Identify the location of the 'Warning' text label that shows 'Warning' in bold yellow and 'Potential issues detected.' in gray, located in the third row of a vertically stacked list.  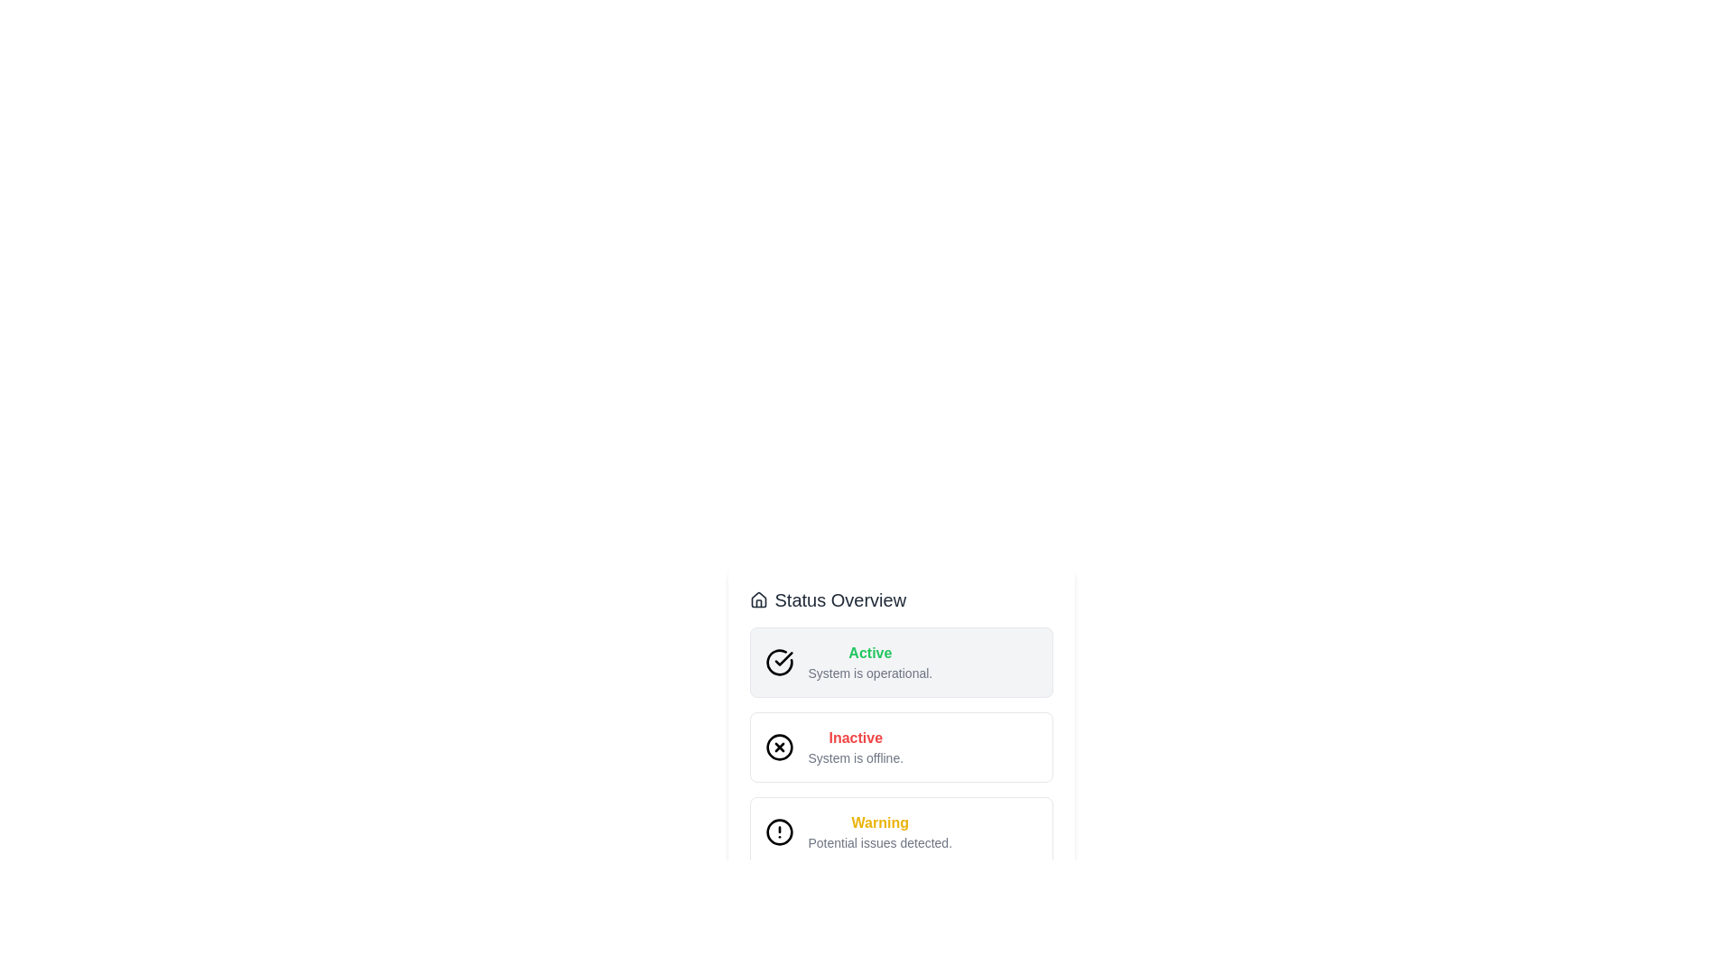
(880, 831).